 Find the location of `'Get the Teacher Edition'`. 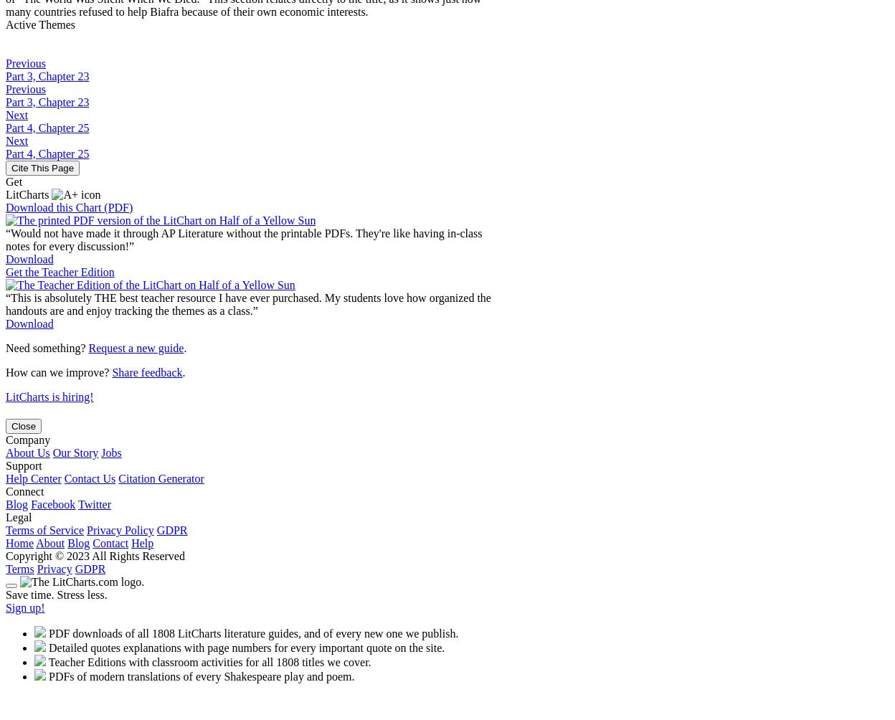

'Get the Teacher Edition' is located at coordinates (59, 270).